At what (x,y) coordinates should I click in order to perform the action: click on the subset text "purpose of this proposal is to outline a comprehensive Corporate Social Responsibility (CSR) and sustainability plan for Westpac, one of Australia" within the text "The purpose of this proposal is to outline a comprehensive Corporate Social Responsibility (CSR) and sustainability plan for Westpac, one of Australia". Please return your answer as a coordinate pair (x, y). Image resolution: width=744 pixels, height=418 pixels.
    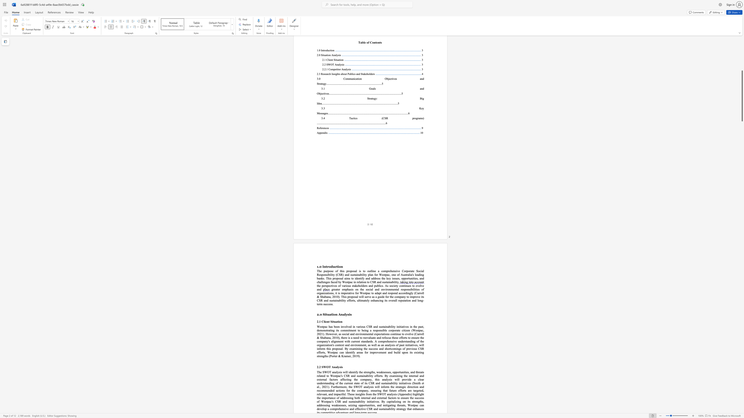
    Looking at the image, I should click on (323, 271).